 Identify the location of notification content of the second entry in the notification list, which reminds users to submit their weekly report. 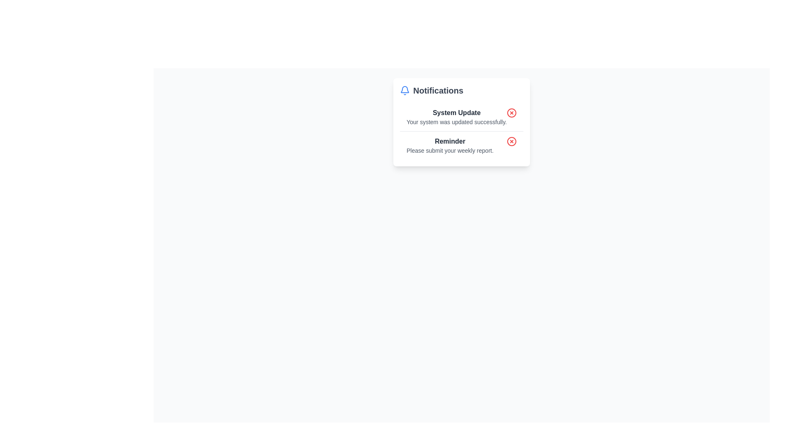
(461, 145).